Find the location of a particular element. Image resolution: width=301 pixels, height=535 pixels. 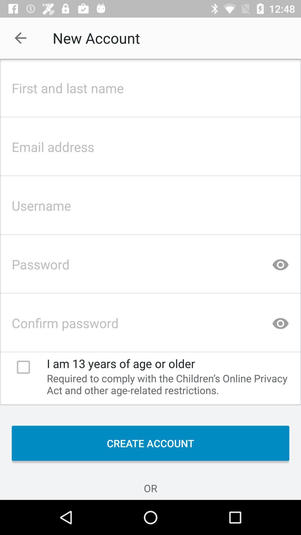

the item above or icon is located at coordinates (151, 443).